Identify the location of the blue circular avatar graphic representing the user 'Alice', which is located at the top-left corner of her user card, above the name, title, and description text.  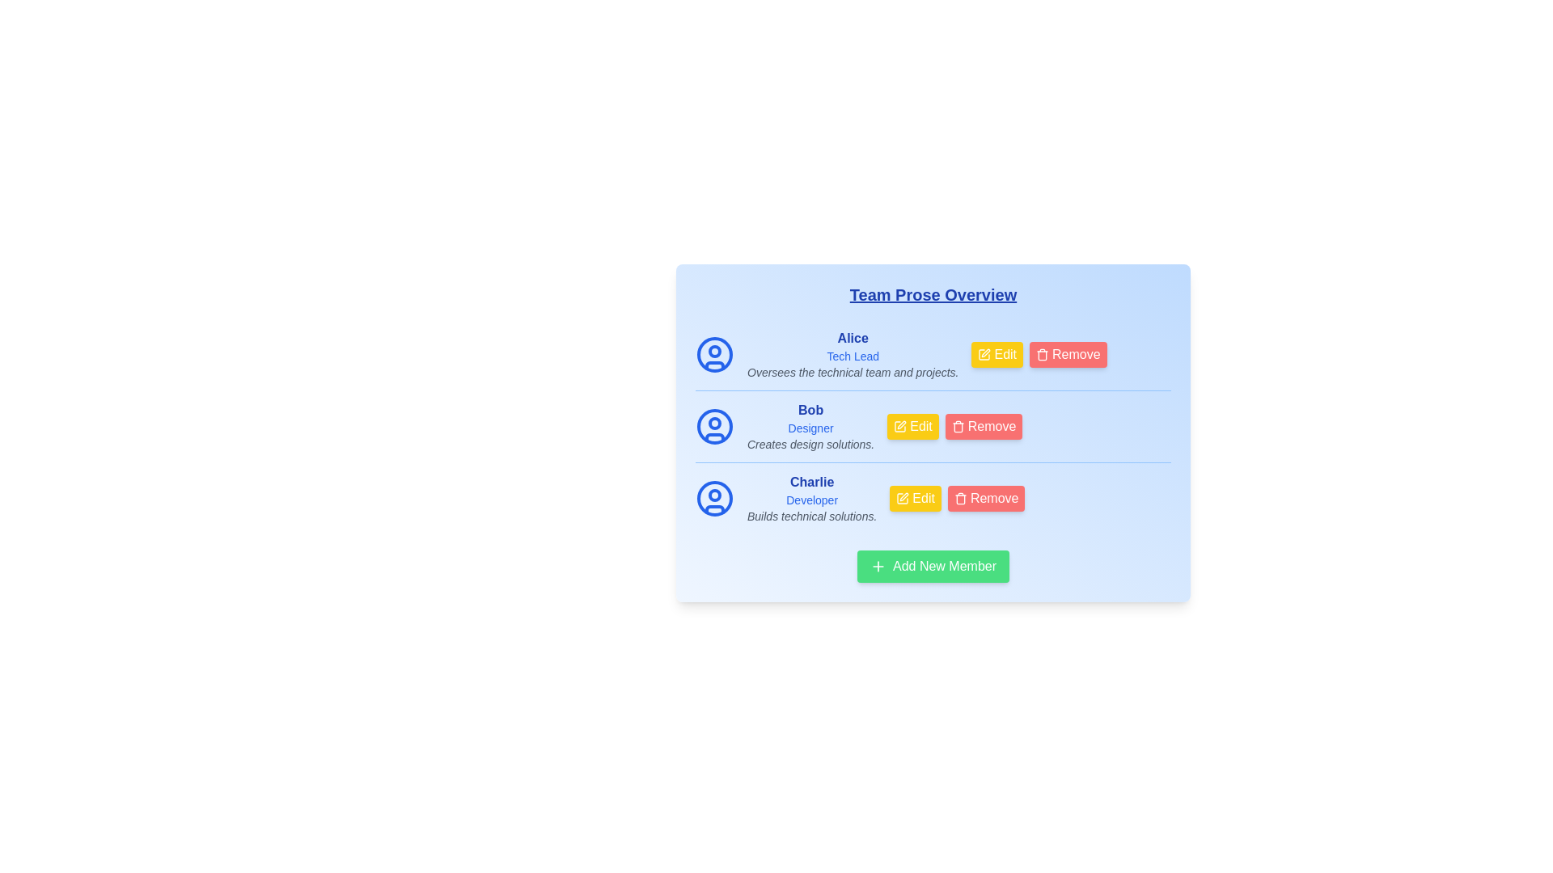
(713, 354).